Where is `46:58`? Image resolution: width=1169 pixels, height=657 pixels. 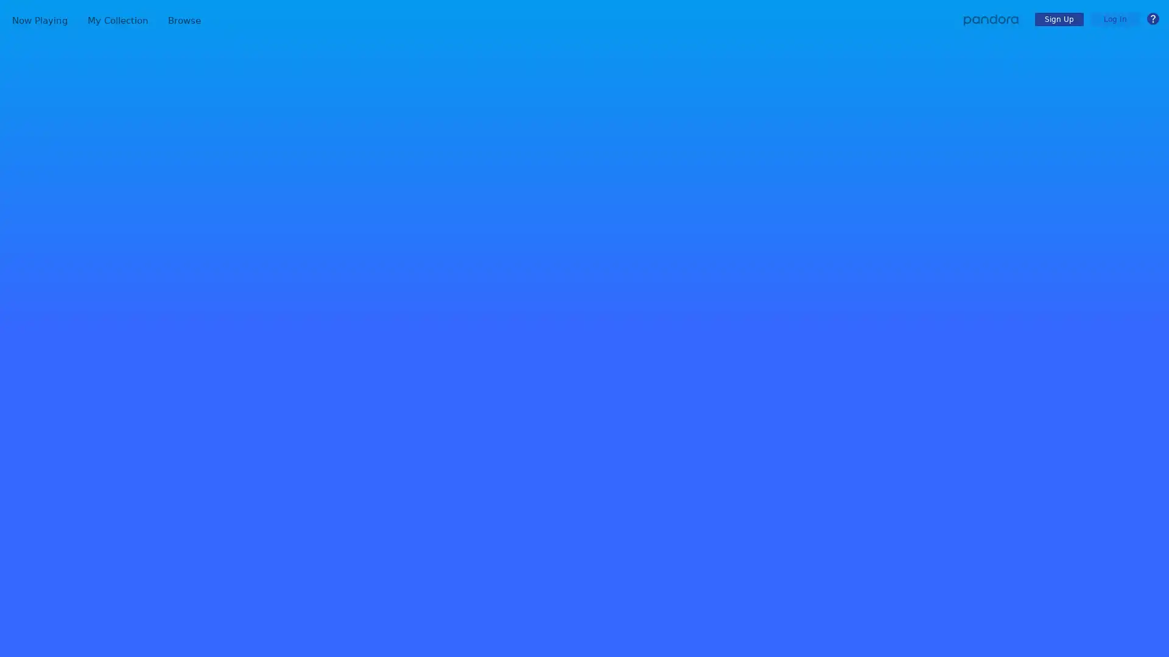 46:58 is located at coordinates (1008, 332).